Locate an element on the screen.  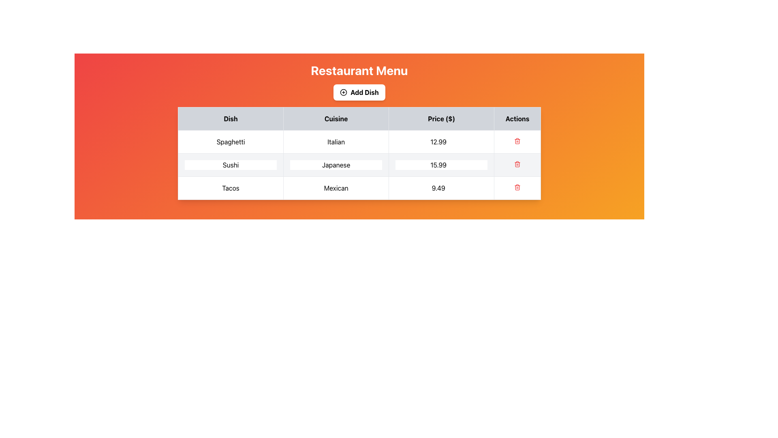
the red trash bin icon in the second row under the 'Actions' column is located at coordinates (517, 164).